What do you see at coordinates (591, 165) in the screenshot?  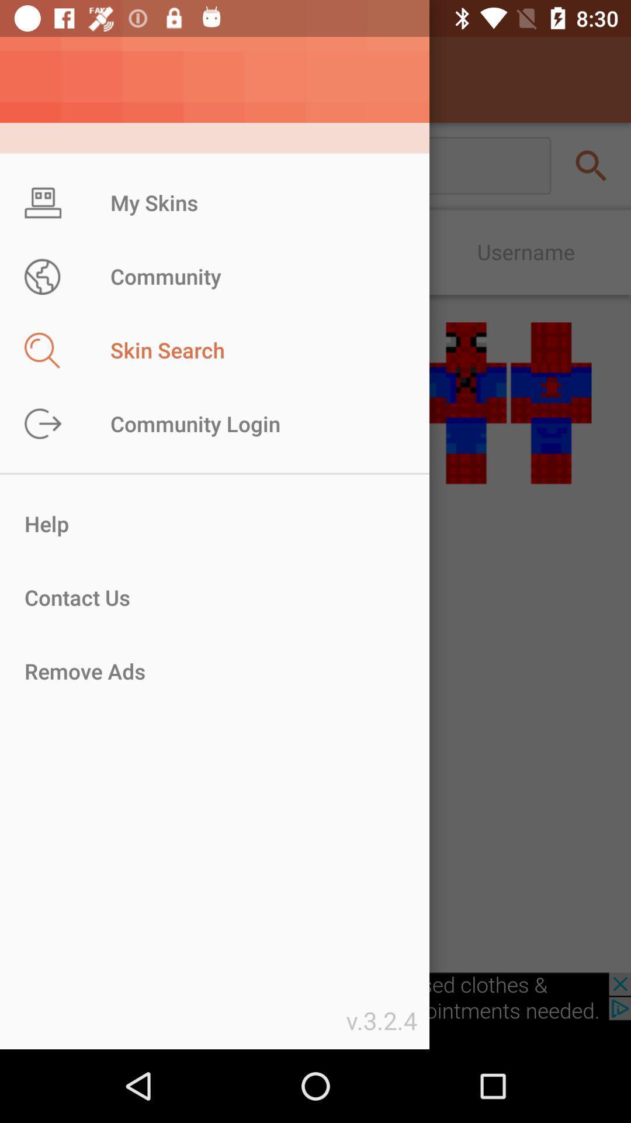 I see `the search icon` at bounding box center [591, 165].